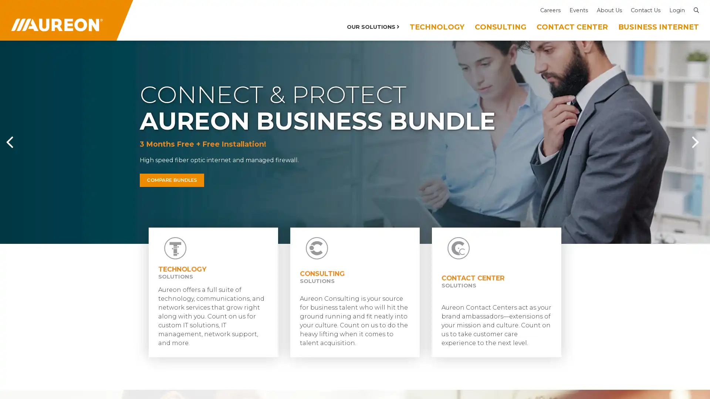 This screenshot has width=710, height=399. What do you see at coordinates (697, 142) in the screenshot?
I see `Next` at bounding box center [697, 142].